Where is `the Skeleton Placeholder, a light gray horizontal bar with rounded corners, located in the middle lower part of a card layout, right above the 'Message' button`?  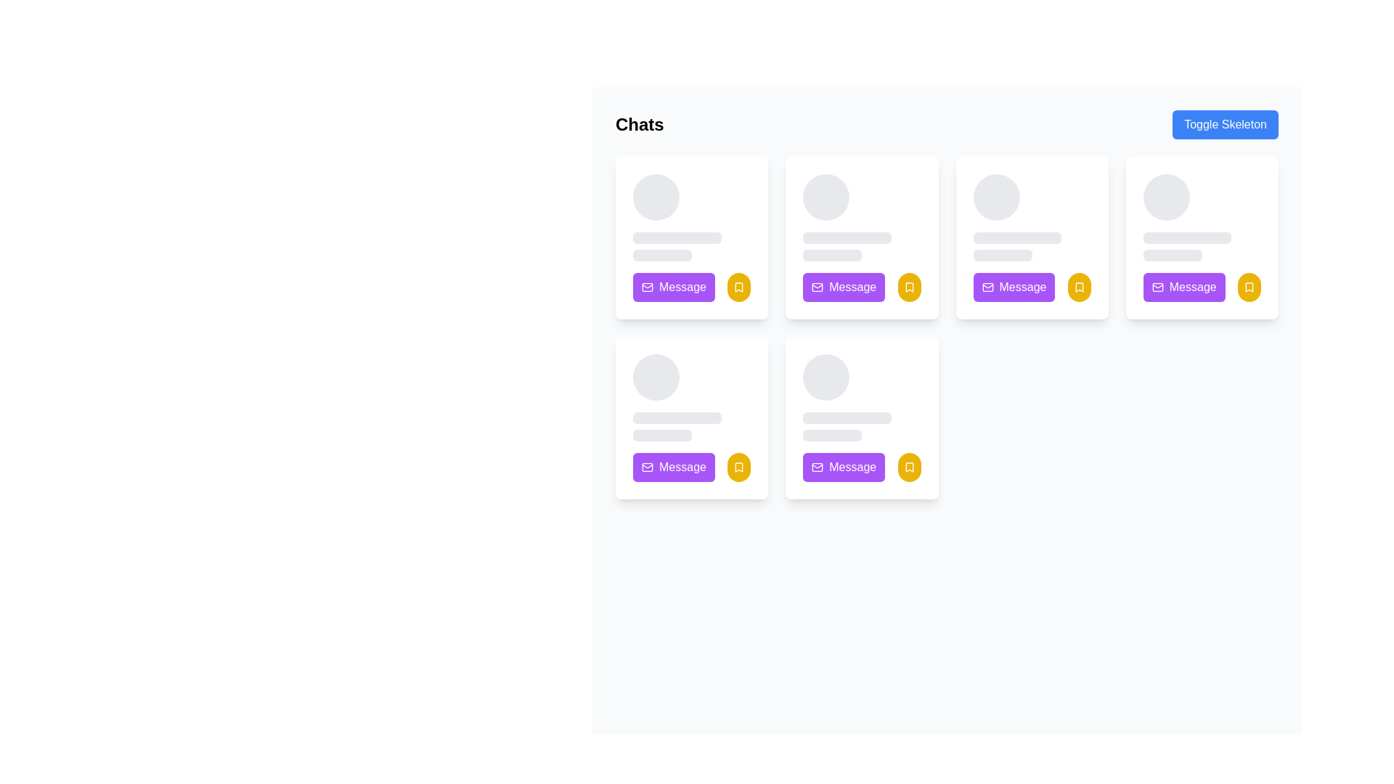
the Skeleton Placeholder, a light gray horizontal bar with rounded corners, located in the middle lower part of a card layout, right above the 'Message' button is located at coordinates (661, 254).